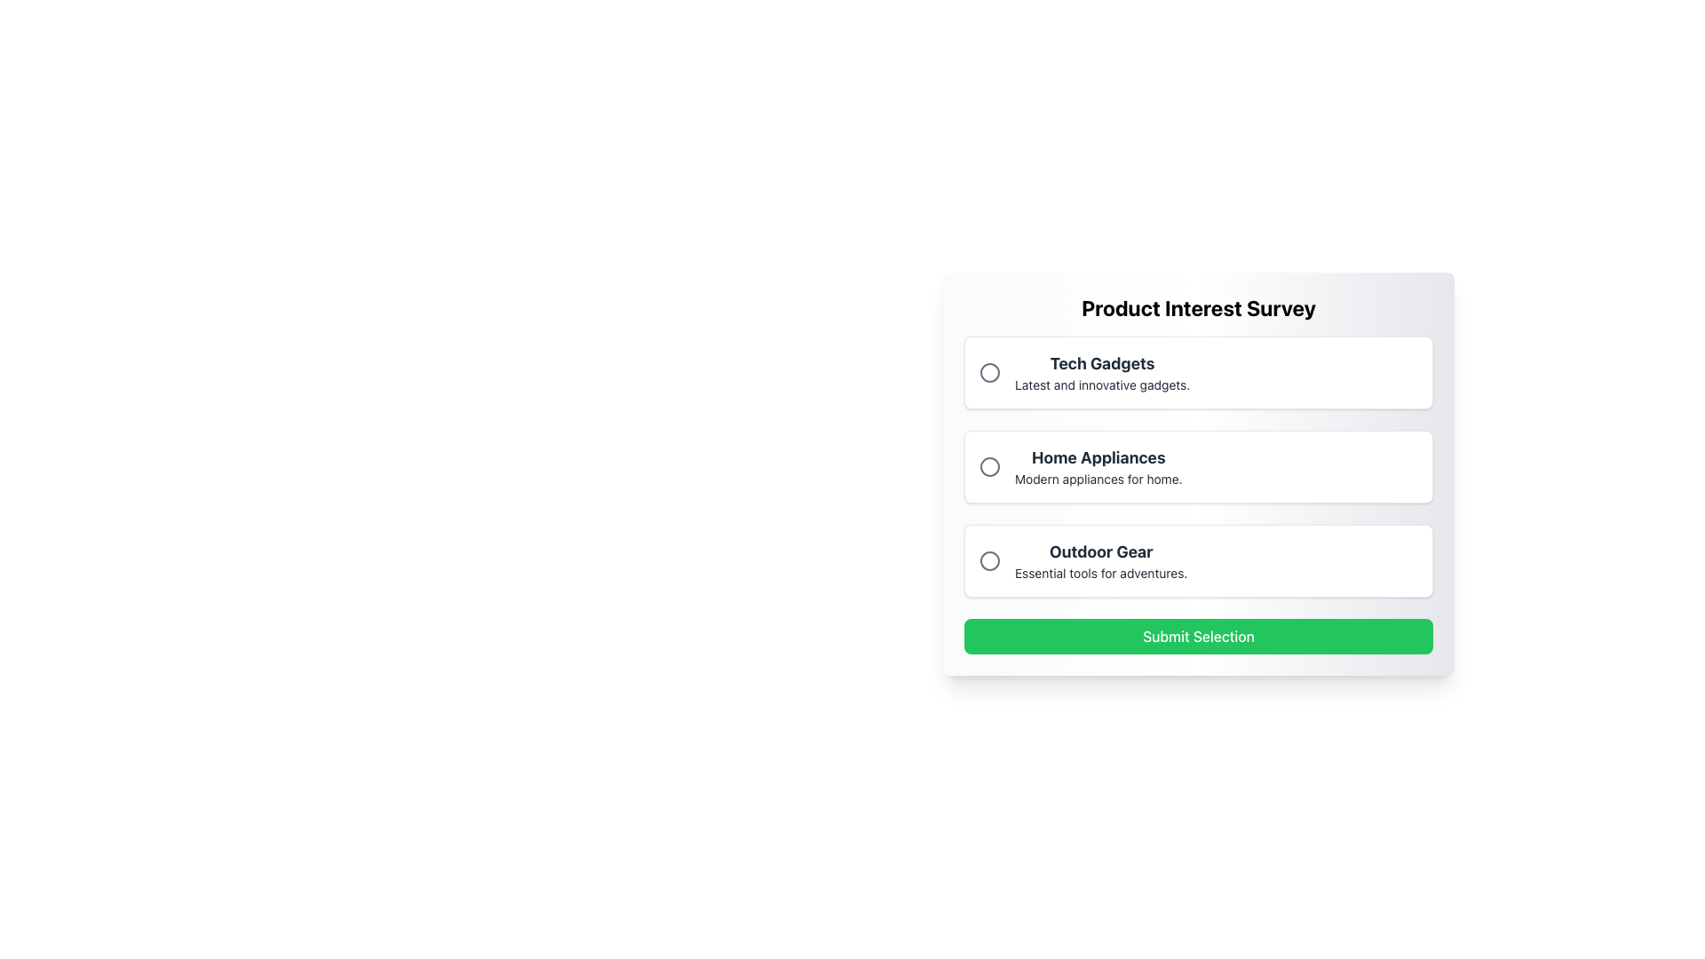 The image size is (1705, 959). What do you see at coordinates (1098, 465) in the screenshot?
I see `the 'Home Appliances' text label, which is the textual content of the second card in a vertical list, located below the 'Tech Gadgets' card and above the 'Outdoor Gear' card` at bounding box center [1098, 465].